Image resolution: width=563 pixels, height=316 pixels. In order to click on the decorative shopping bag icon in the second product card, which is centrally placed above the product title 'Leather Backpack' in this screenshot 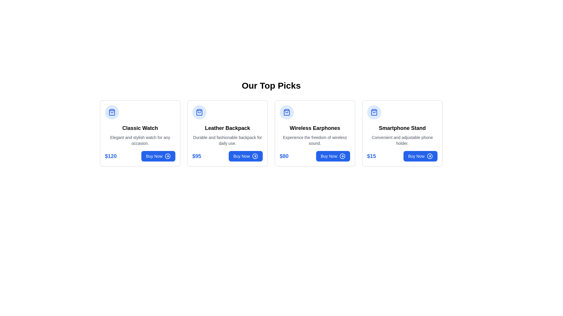, I will do `click(199, 112)`.